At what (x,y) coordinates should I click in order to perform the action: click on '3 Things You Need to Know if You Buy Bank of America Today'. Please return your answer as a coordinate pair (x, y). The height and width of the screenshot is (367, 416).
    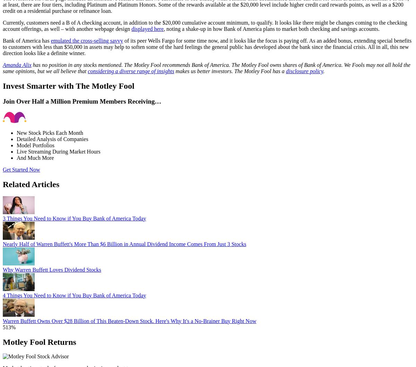
    Looking at the image, I should click on (3, 218).